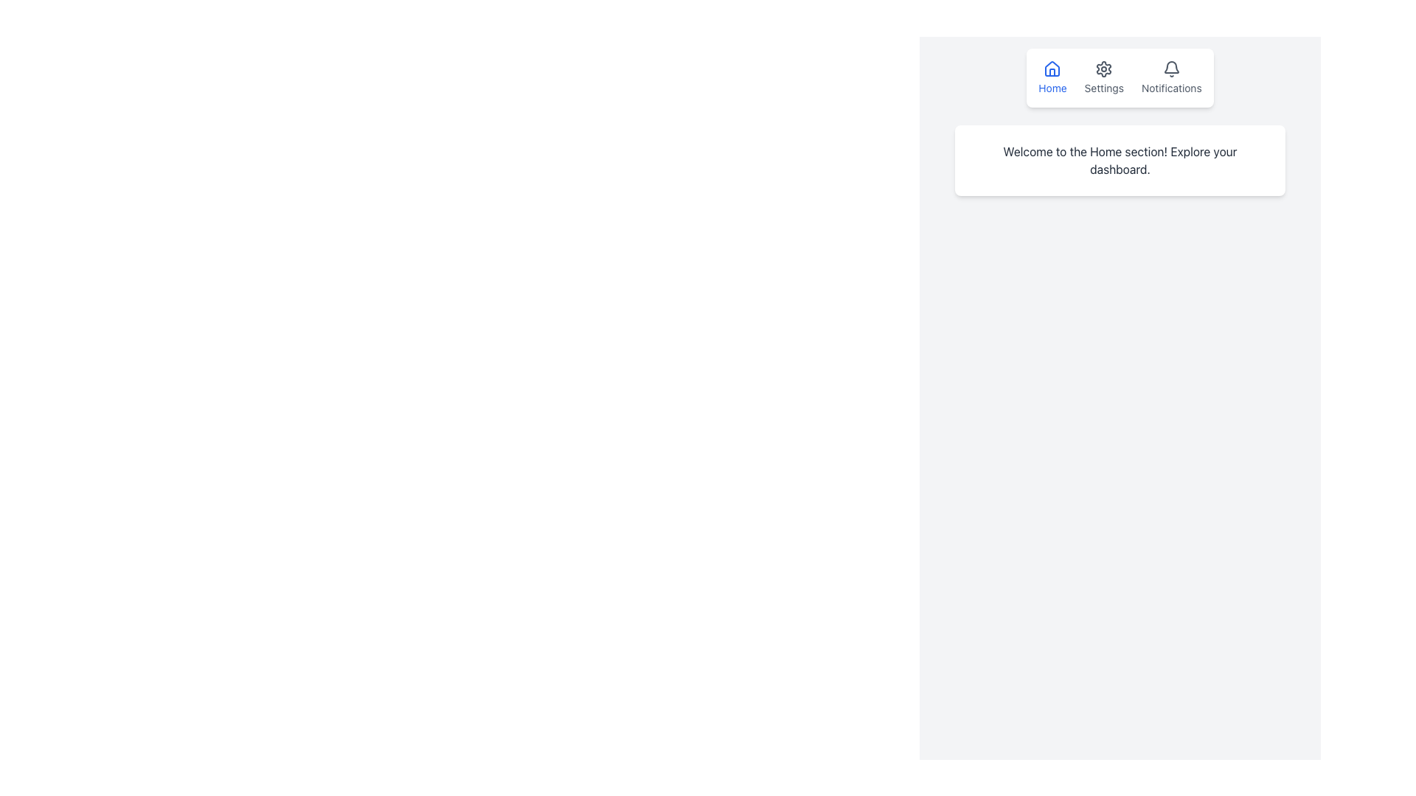  Describe the element at coordinates (1170, 69) in the screenshot. I see `the bell icon in the top-right corner of the navigation bar` at that location.